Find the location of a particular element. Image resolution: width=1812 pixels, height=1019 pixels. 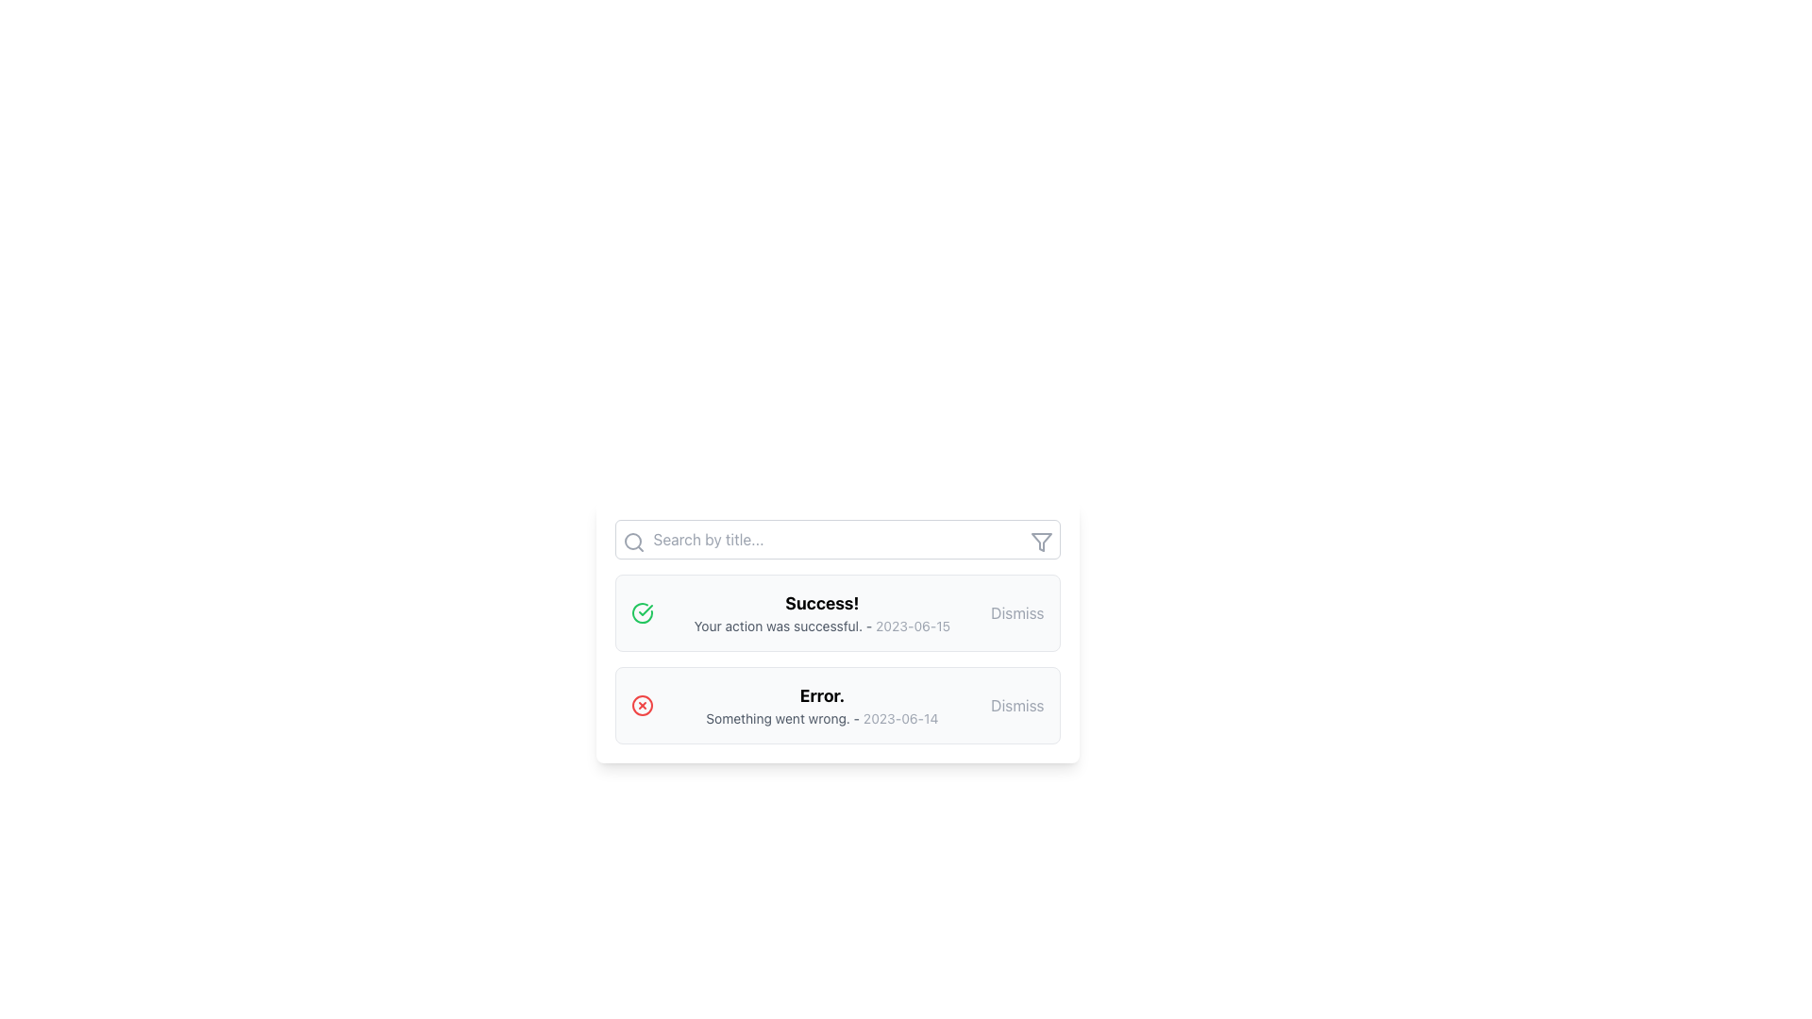

text that indicates the title or summary of an error notification located at the bottom section of the notification list is located at coordinates (822, 695).